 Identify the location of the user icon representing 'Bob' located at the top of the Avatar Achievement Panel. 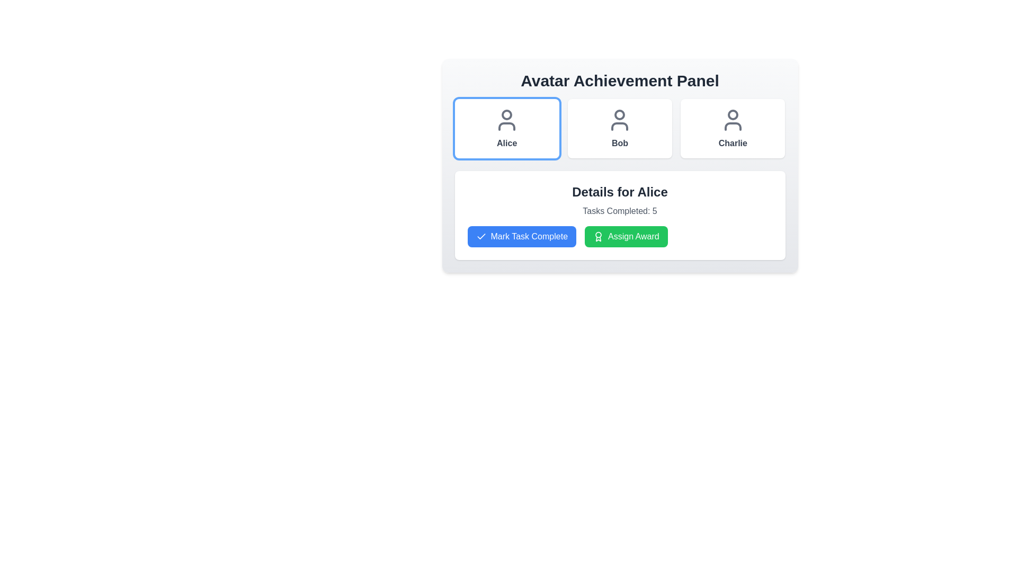
(620, 120).